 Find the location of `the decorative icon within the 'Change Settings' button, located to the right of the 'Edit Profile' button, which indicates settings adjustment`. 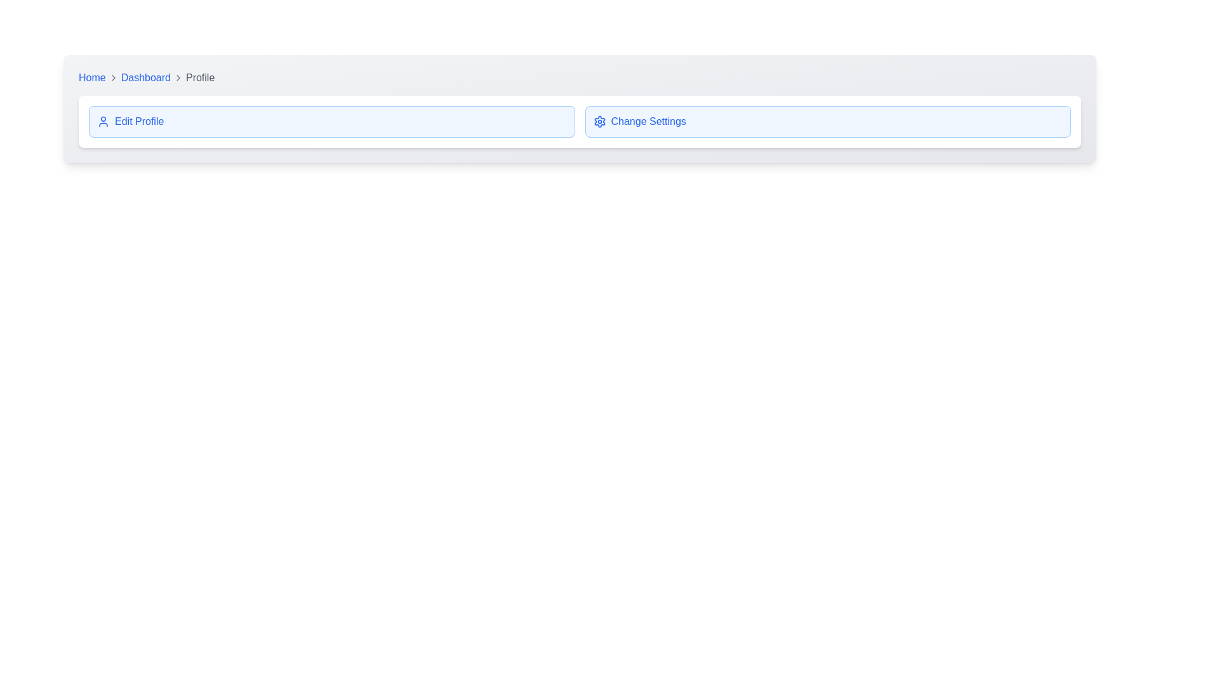

the decorative icon within the 'Change Settings' button, located to the right of the 'Edit Profile' button, which indicates settings adjustment is located at coordinates (599, 122).